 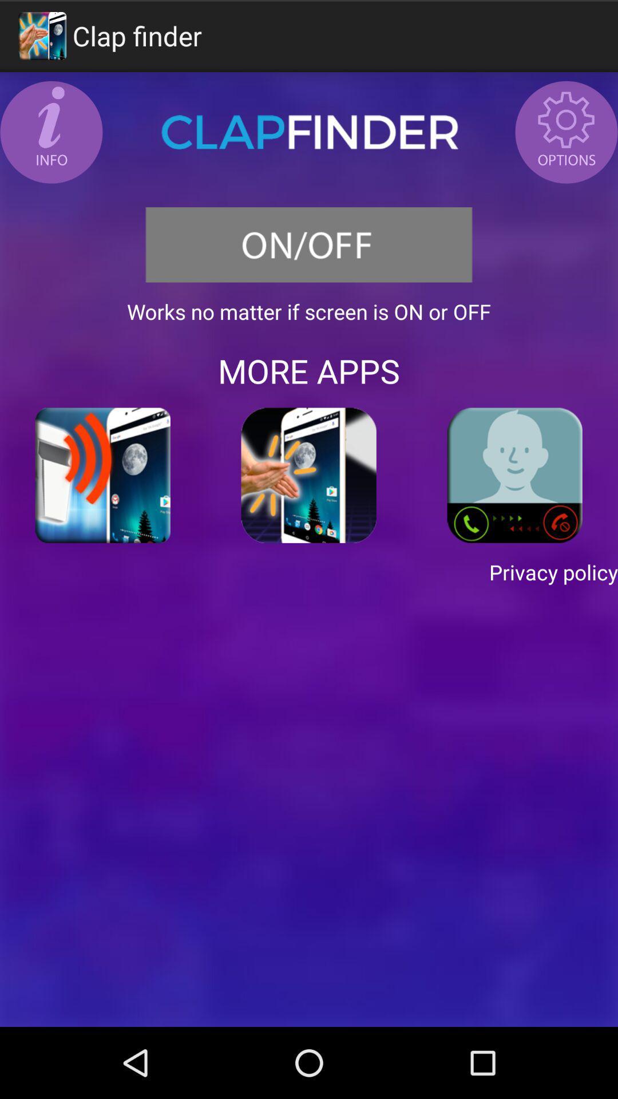 What do you see at coordinates (514, 475) in the screenshot?
I see `calling` at bounding box center [514, 475].